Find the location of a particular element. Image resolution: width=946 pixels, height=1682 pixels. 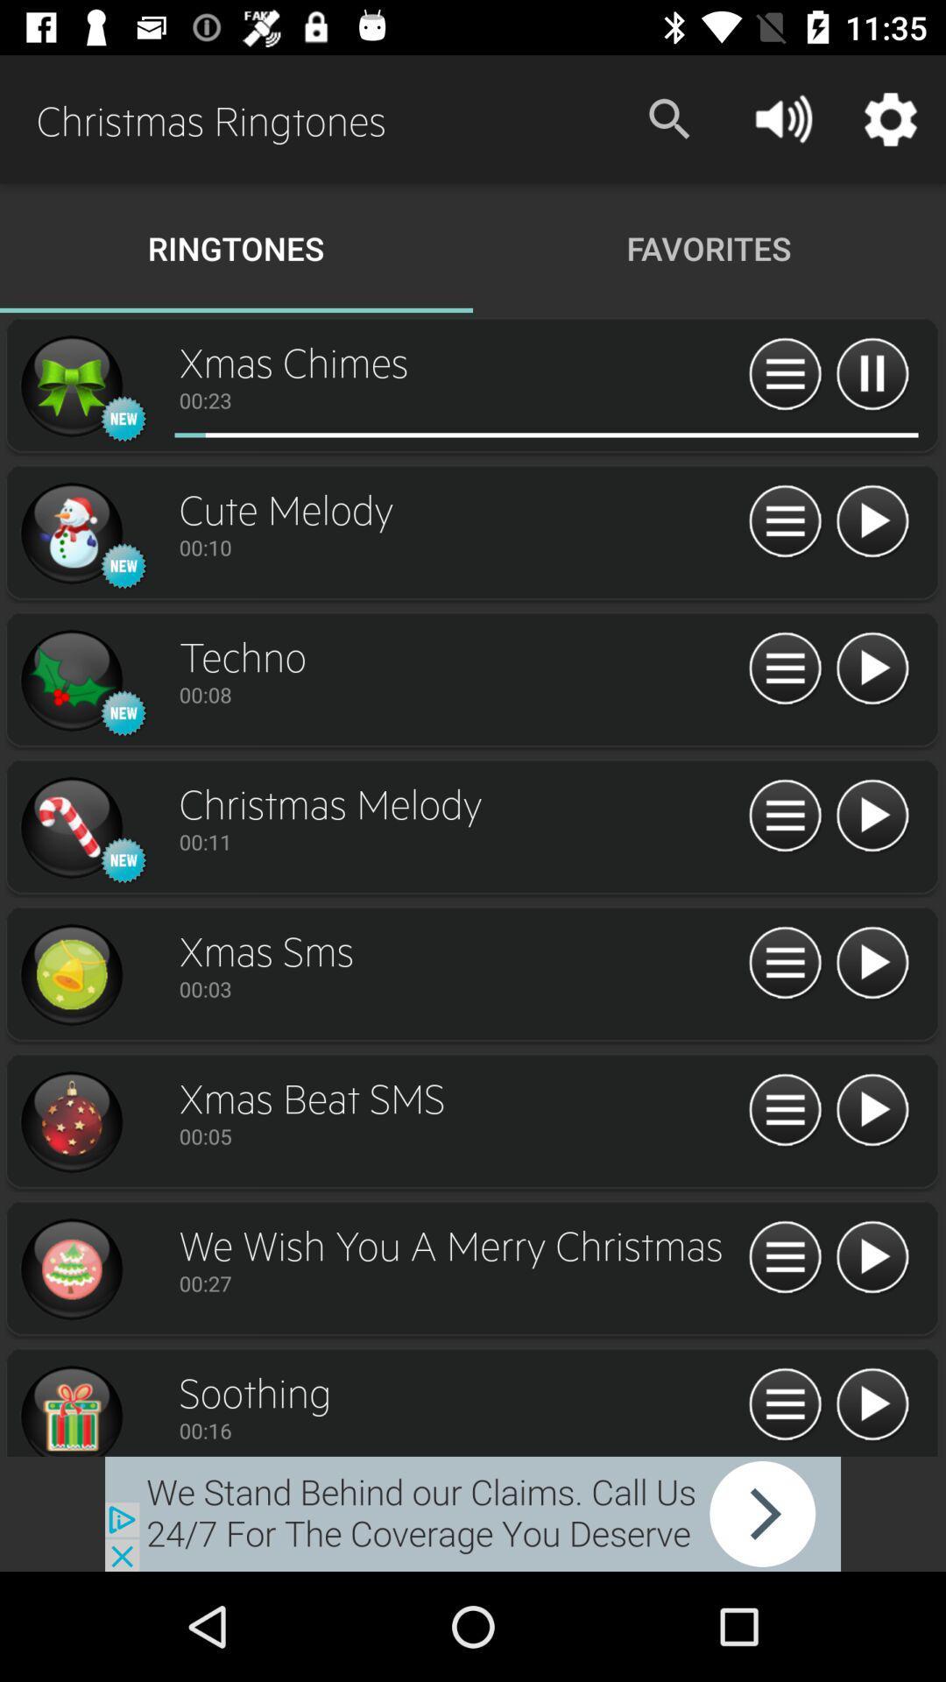

customize is located at coordinates (784, 1405).